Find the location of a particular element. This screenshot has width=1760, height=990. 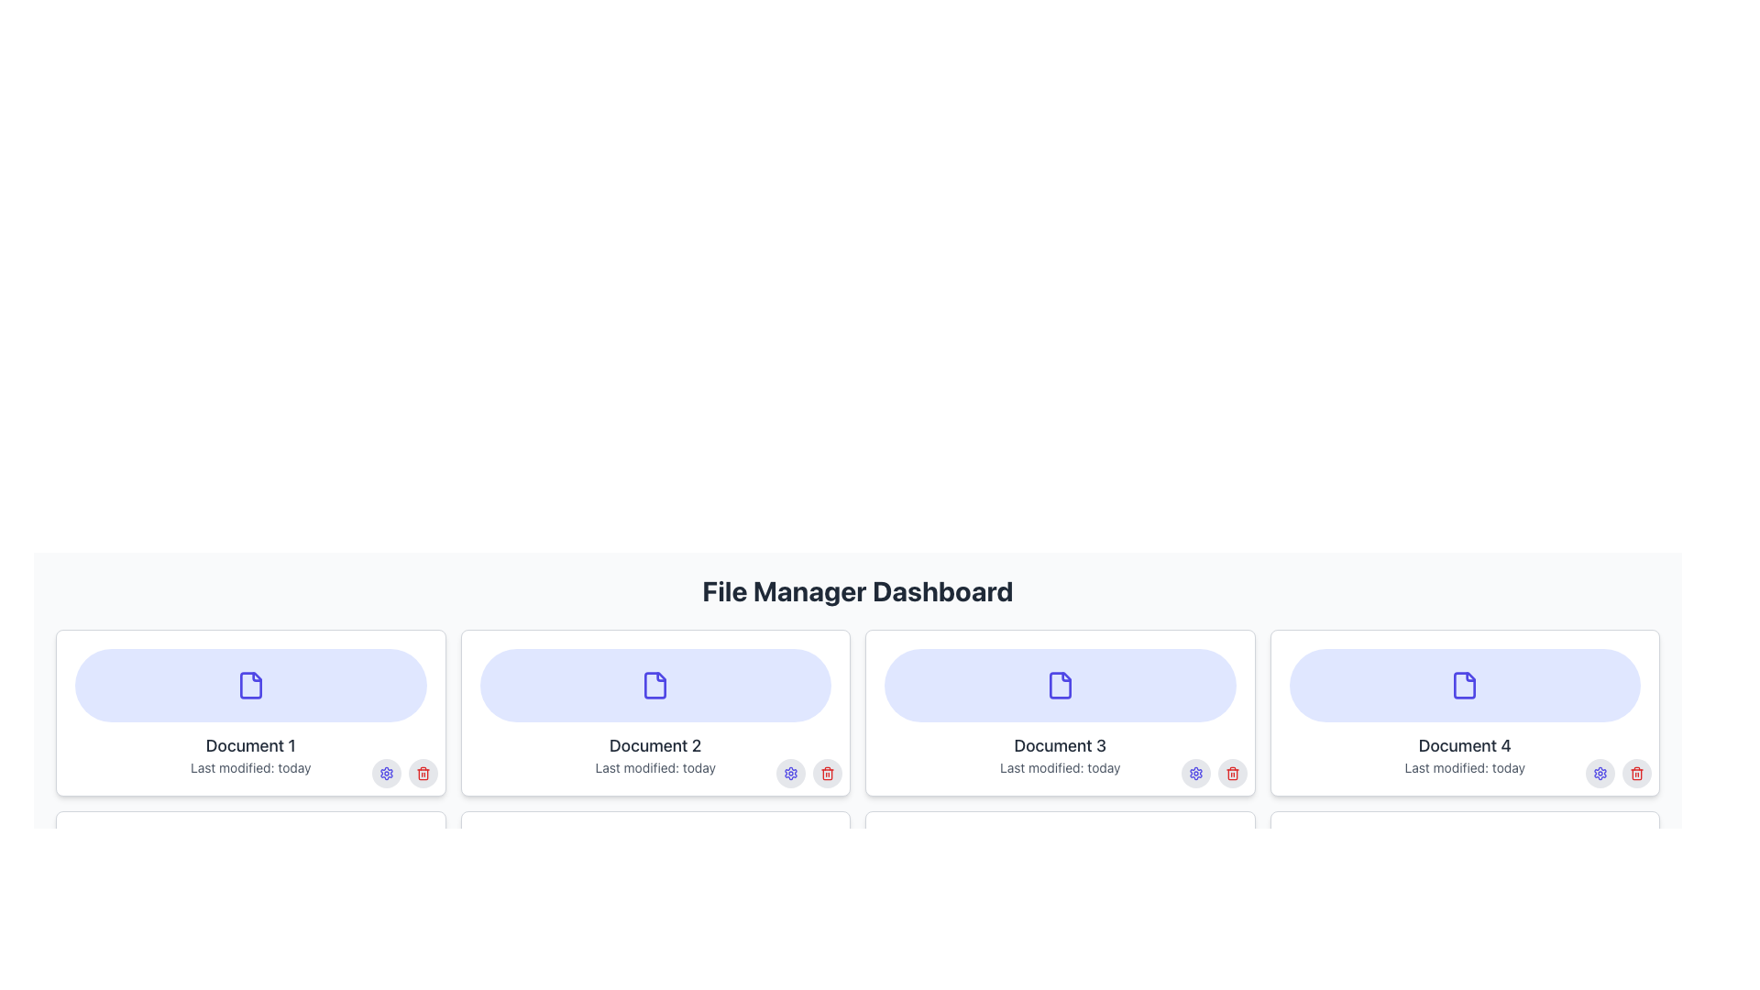

the text label that serves as a descriptor for the document, located below the indigo-colored file icon in the UI is located at coordinates (655, 745).